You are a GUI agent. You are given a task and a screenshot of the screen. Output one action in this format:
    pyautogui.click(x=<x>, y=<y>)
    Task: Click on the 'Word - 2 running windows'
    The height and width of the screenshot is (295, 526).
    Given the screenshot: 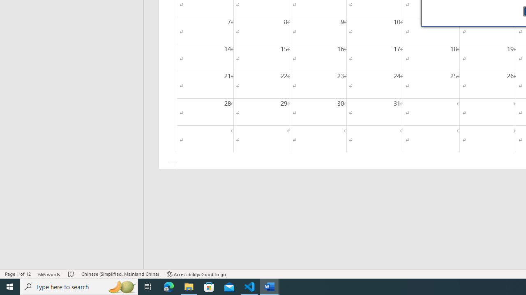 What is the action you would take?
    pyautogui.click(x=270, y=286)
    